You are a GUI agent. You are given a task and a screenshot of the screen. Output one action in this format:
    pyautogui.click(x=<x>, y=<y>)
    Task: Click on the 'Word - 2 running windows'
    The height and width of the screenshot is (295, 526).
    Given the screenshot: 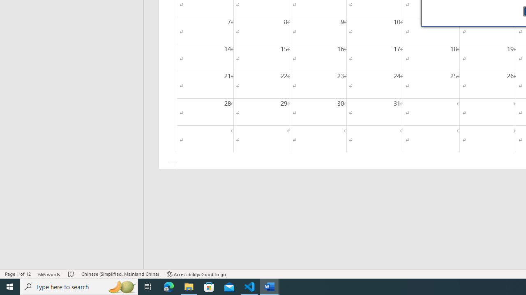 What is the action you would take?
    pyautogui.click(x=270, y=286)
    